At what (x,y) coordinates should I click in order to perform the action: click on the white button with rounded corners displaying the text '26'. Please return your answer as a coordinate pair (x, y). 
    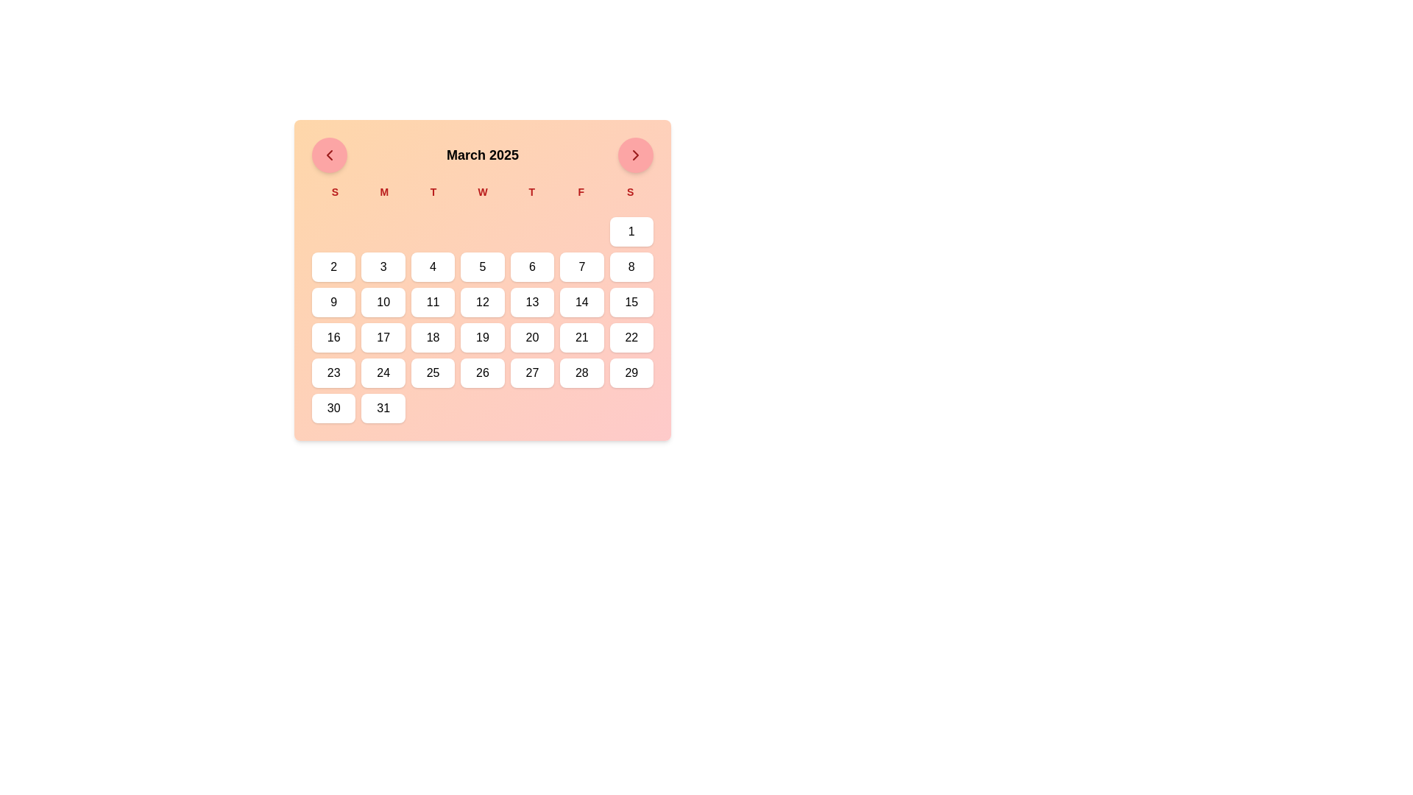
    Looking at the image, I should click on (483, 372).